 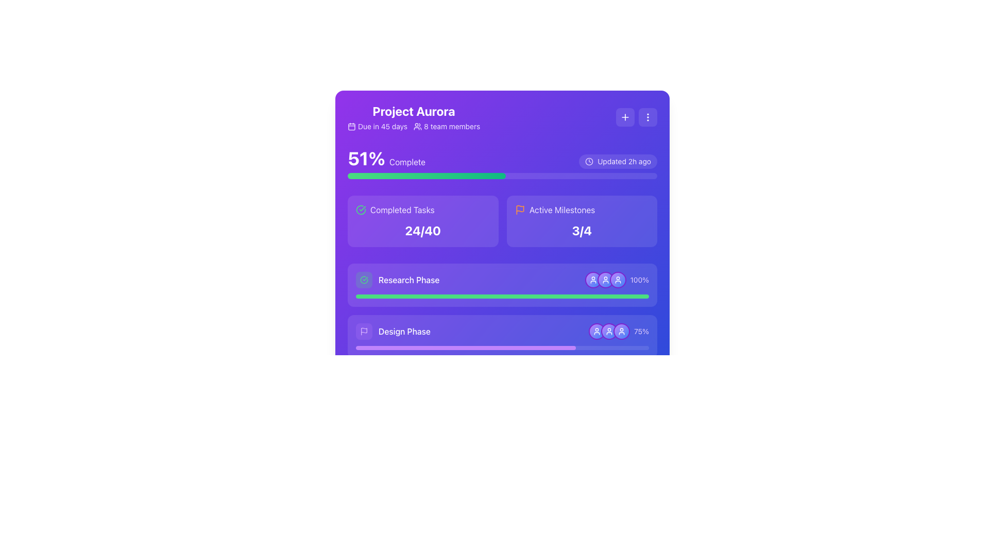 What do you see at coordinates (596, 332) in the screenshot?
I see `the circular icon with a gradient background transitioning from purple to blue, featuring a white user silhouette in the center, located in the 'Design Phase' section` at bounding box center [596, 332].